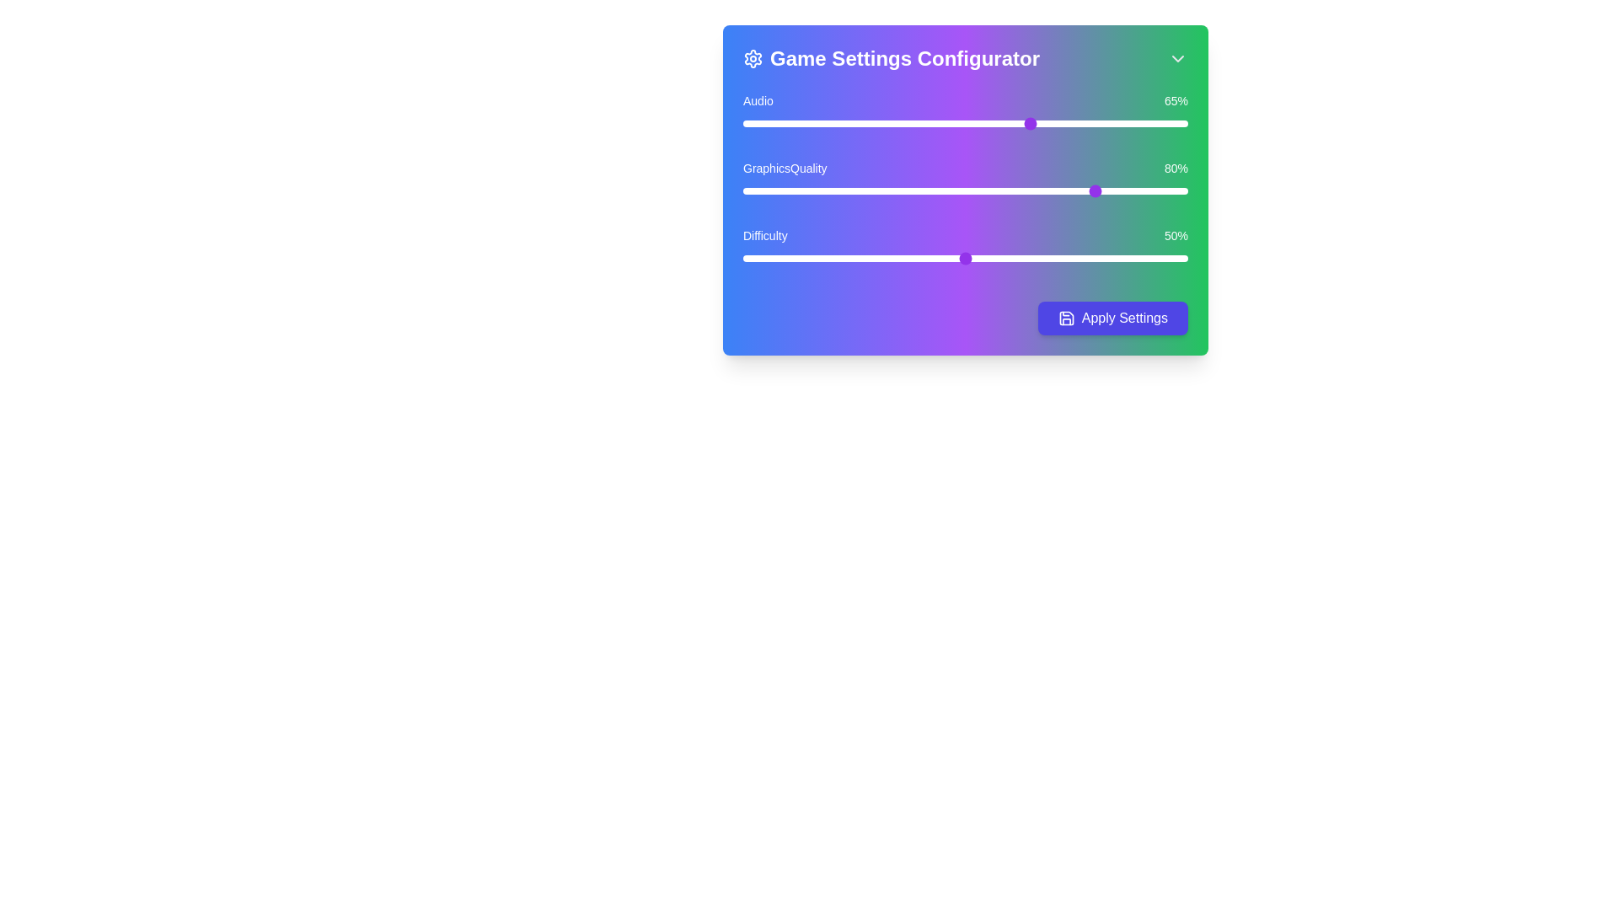 This screenshot has height=910, width=1618. What do you see at coordinates (1049, 122) in the screenshot?
I see `the audio volume` at bounding box center [1049, 122].